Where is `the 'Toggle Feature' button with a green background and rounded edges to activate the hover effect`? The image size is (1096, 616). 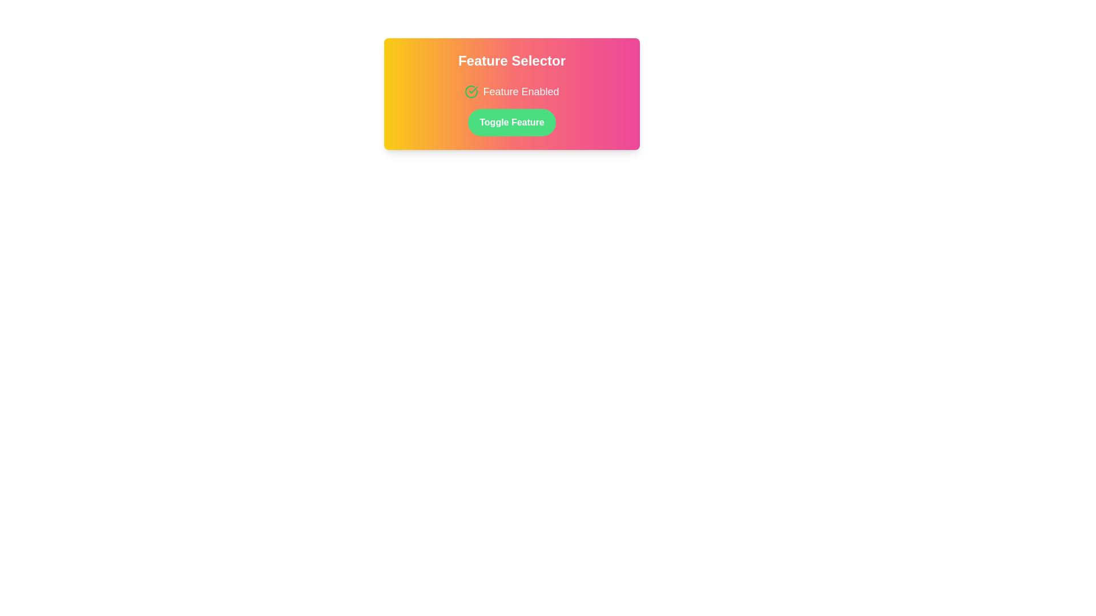
the 'Toggle Feature' button with a green background and rounded edges to activate the hover effect is located at coordinates (511, 123).